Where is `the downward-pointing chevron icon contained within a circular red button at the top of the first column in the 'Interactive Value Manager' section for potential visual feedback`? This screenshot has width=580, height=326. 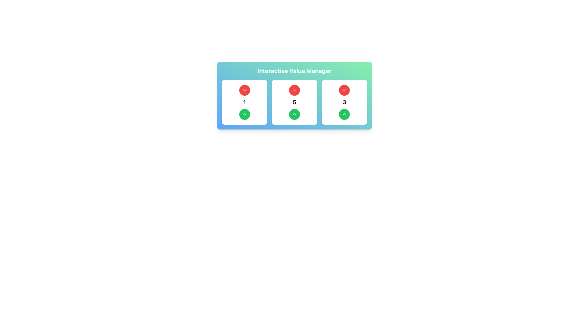 the downward-pointing chevron icon contained within a circular red button at the top of the first column in the 'Interactive Value Manager' section for potential visual feedback is located at coordinates (244, 90).